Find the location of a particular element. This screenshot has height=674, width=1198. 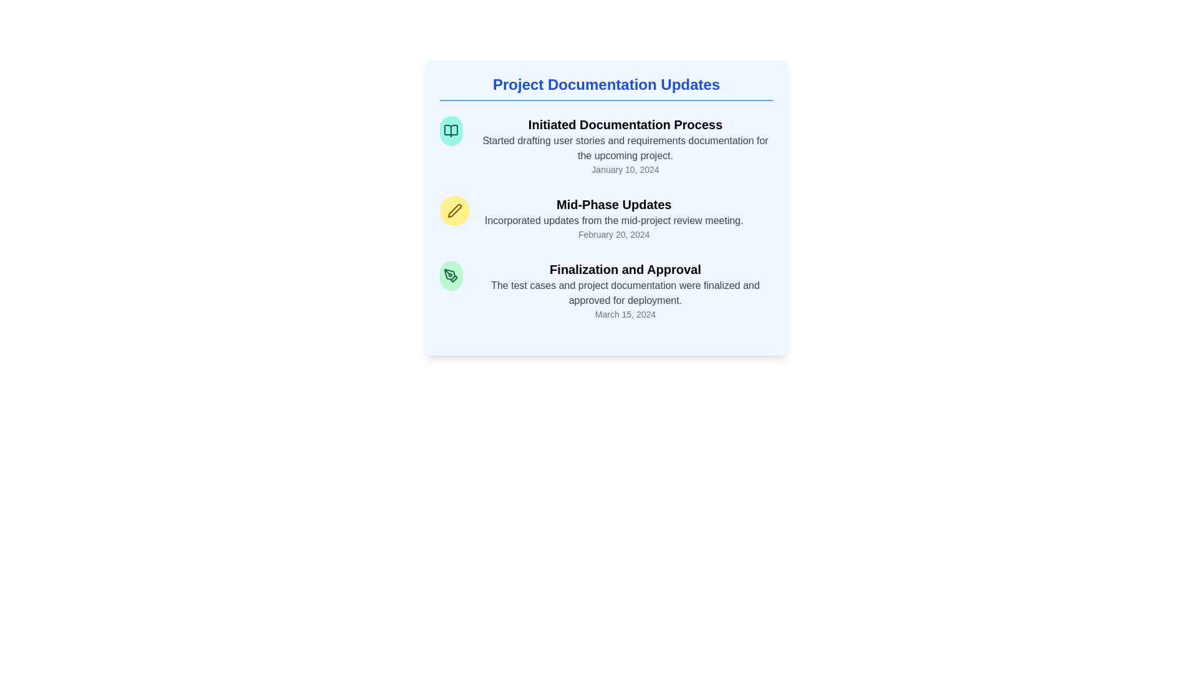

the text label displaying 'March 15, 2024', which is located under the 'Finalization and Approval' section of the 'Project Documentation Updates' group is located at coordinates (625, 314).